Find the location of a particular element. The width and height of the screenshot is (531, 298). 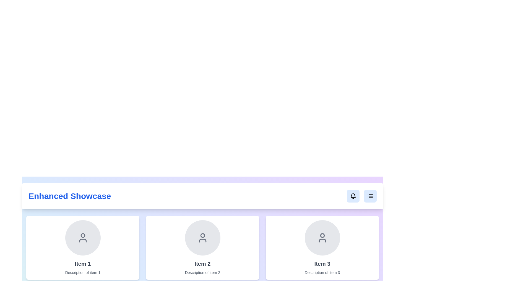

the informational text label located directly below the bolded title 'Item 3' in the third column of a three-column layout is located at coordinates (322, 272).